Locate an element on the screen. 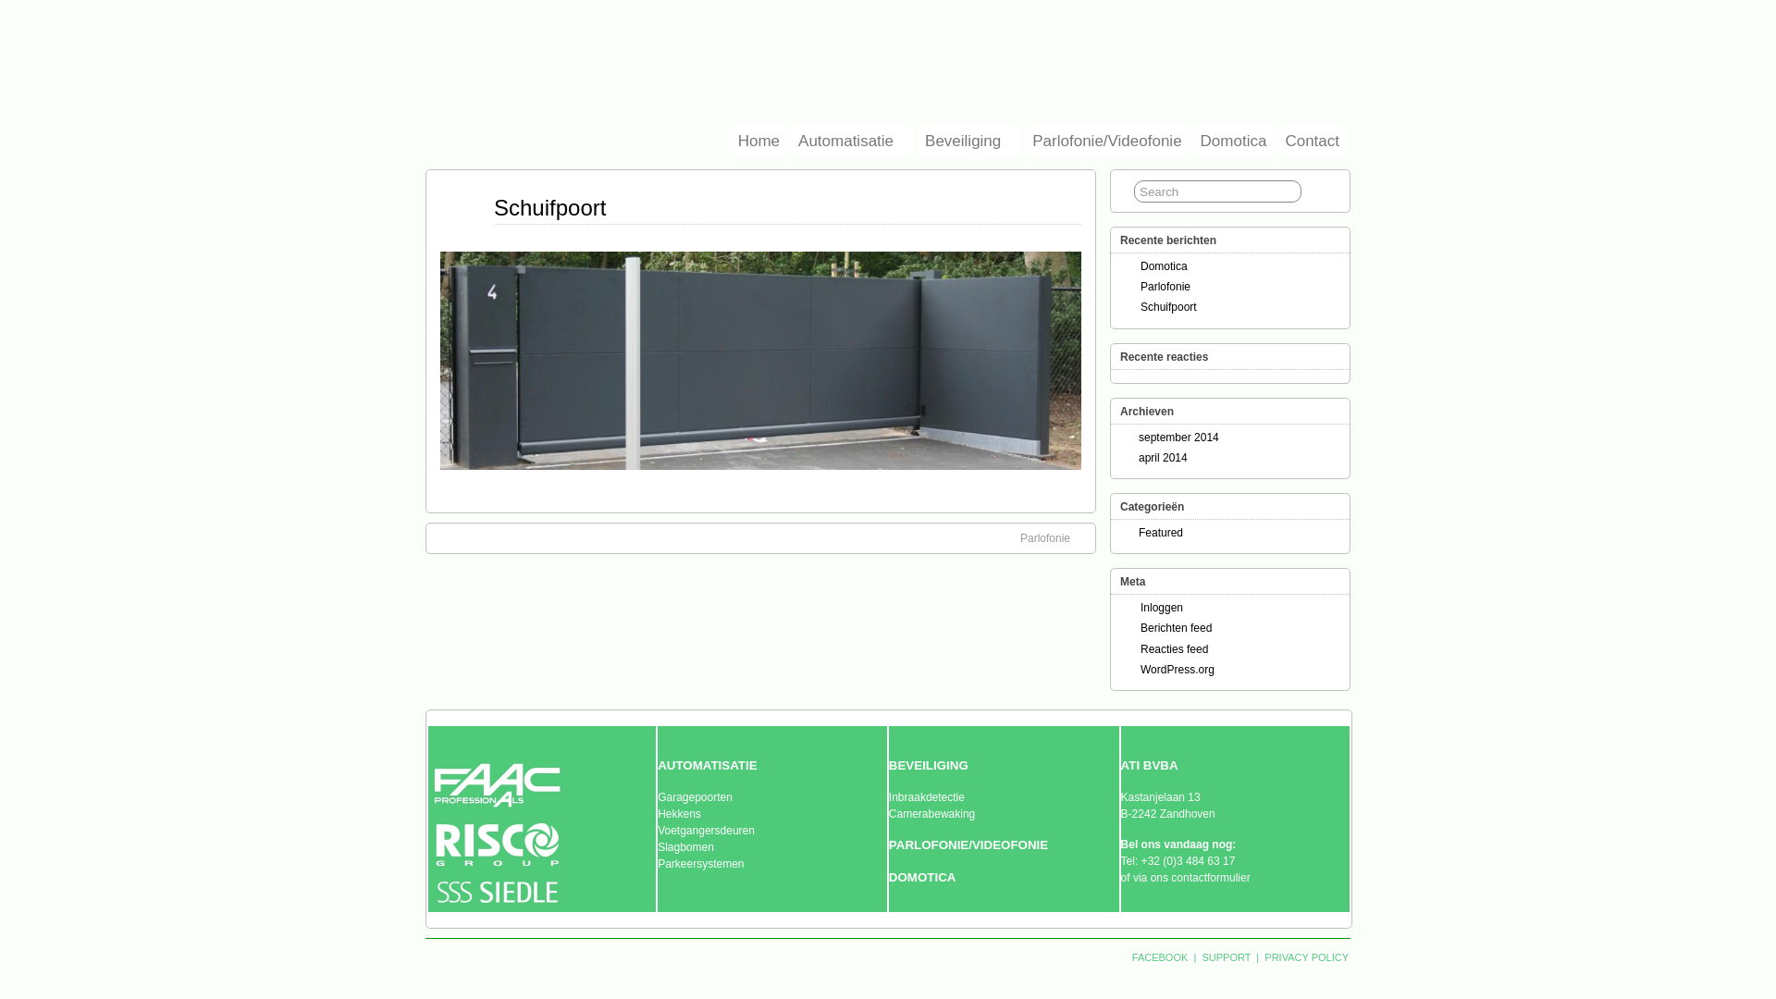 Image resolution: width=1776 pixels, height=999 pixels. ' PRIVACY POLICY' is located at coordinates (1304, 956).